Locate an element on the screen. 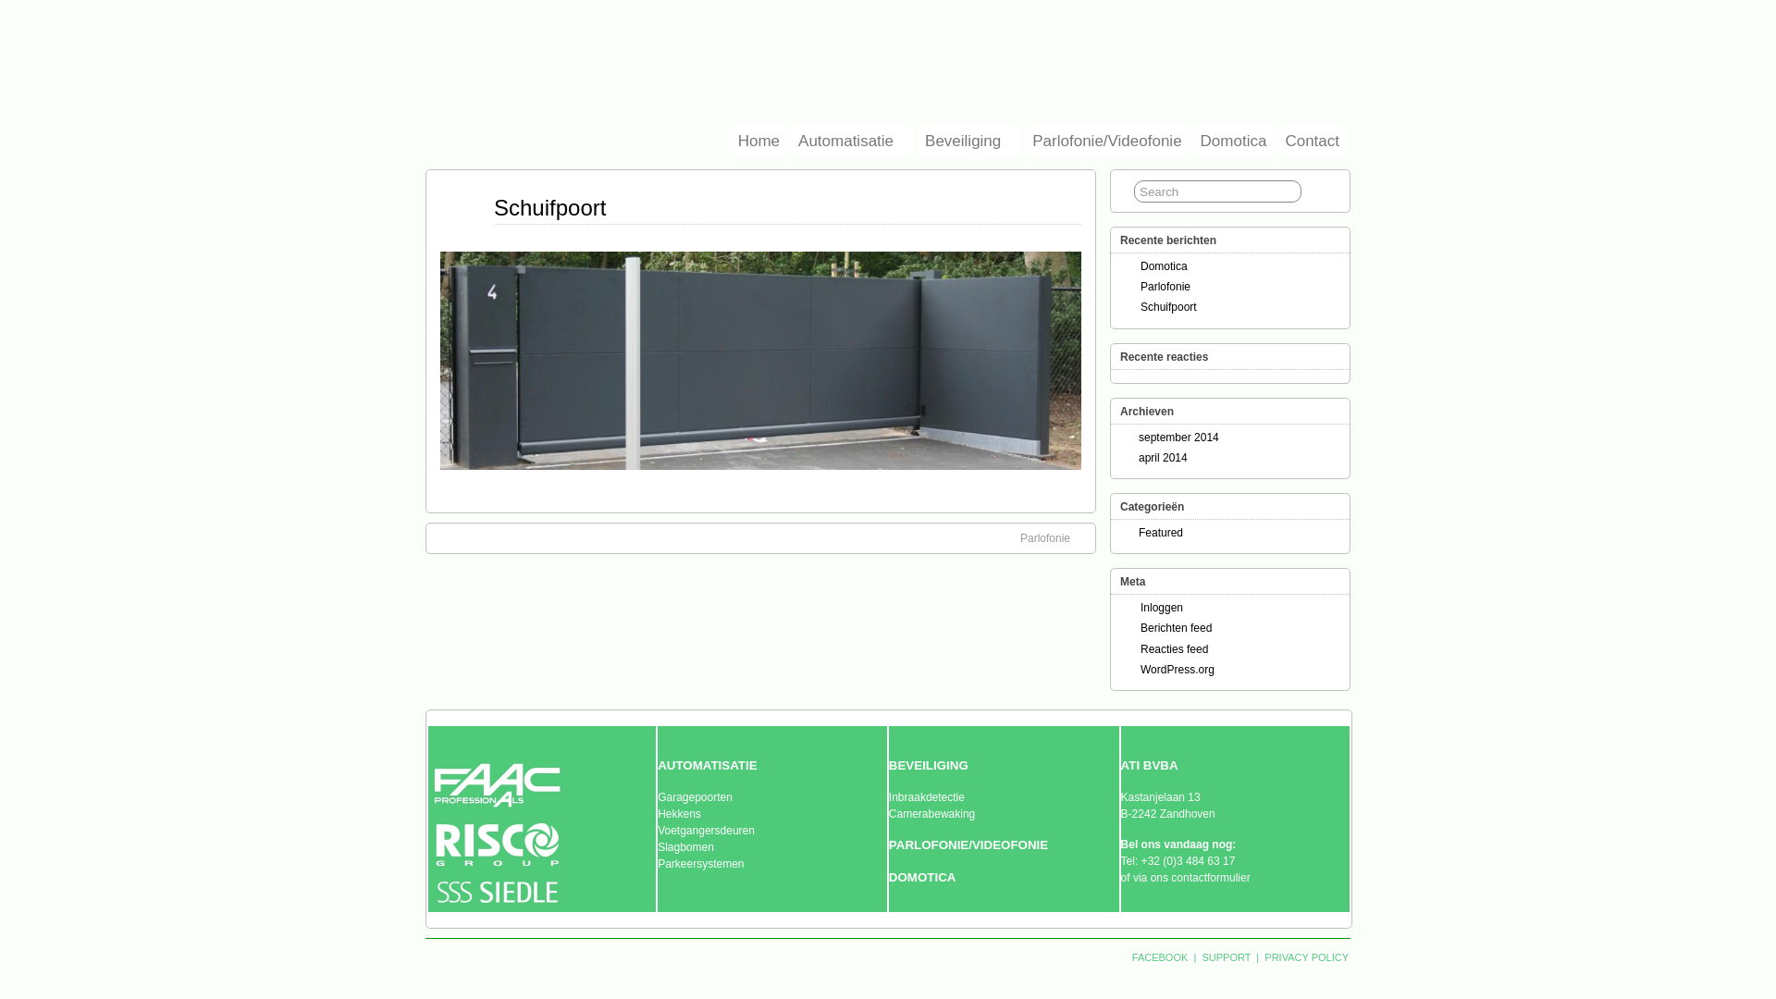 Image resolution: width=1776 pixels, height=999 pixels. ' PRIVACY POLICY' is located at coordinates (1304, 956).